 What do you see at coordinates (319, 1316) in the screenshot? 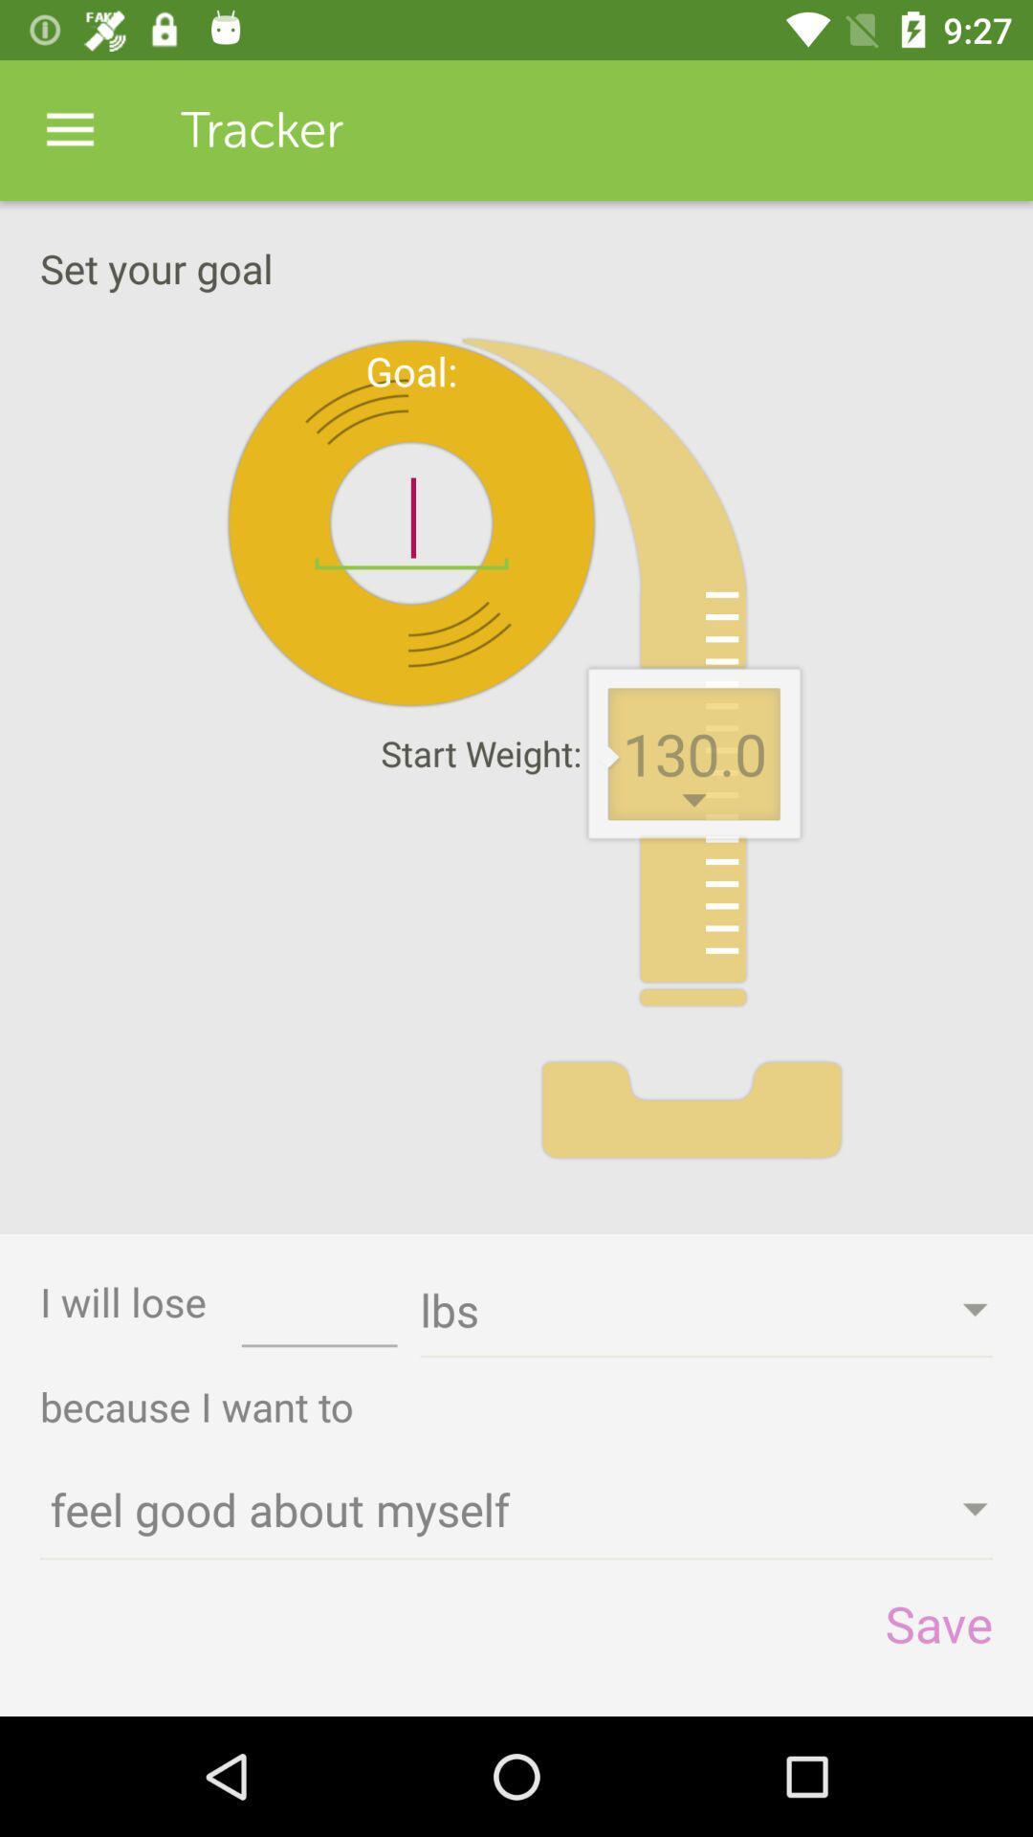
I see `the item next to i will lose item` at bounding box center [319, 1316].